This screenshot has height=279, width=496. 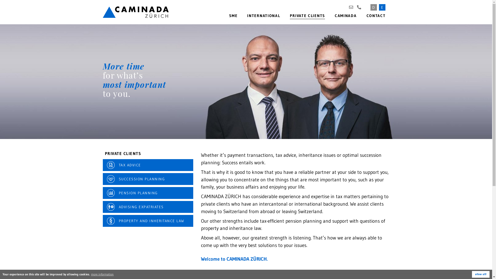 What do you see at coordinates (148, 193) in the screenshot?
I see `'PENSION PLANNING'` at bounding box center [148, 193].